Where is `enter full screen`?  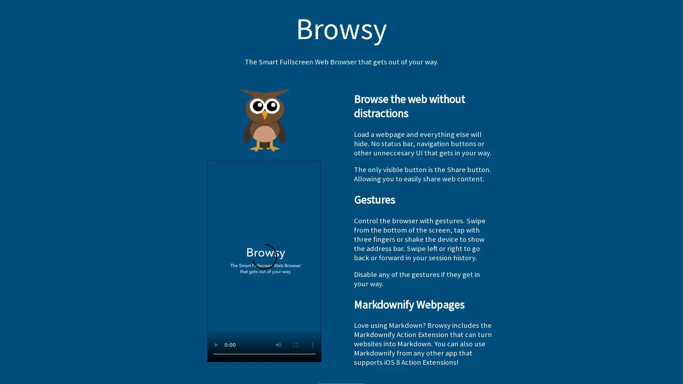 enter full screen is located at coordinates (295, 344).